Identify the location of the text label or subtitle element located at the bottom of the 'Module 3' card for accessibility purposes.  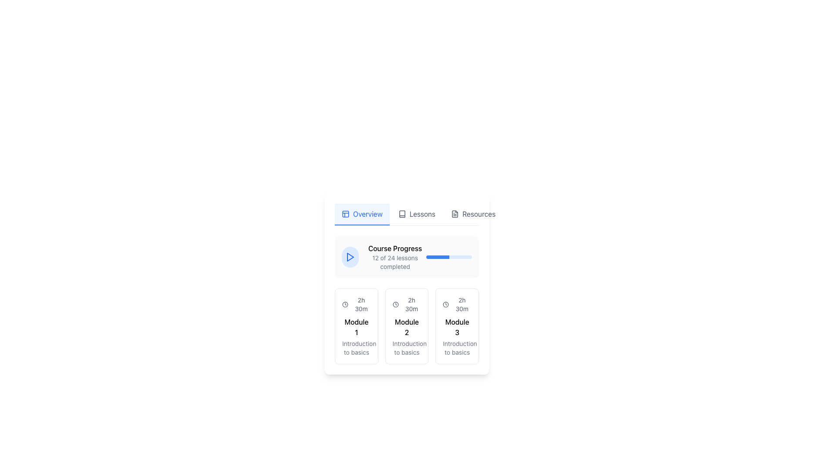
(457, 347).